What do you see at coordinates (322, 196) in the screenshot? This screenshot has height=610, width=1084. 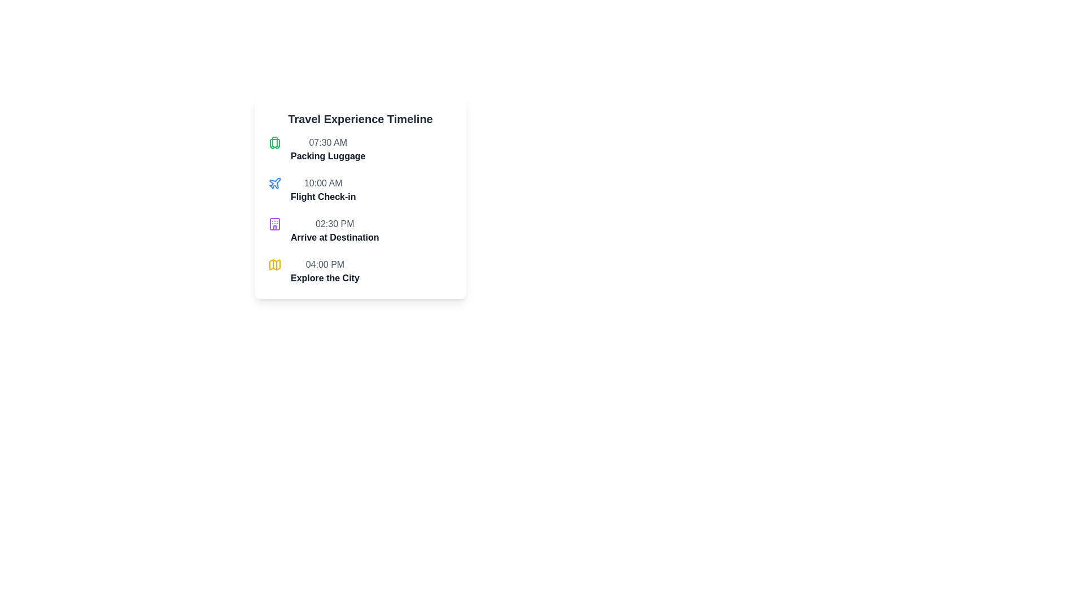 I see `text of the second line of the timeline entry, which provides additional context directly below '10:00 AM'` at bounding box center [322, 196].